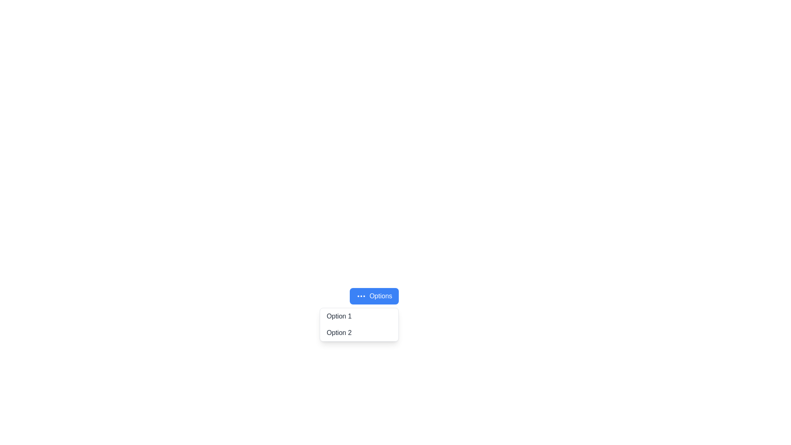 Image resolution: width=791 pixels, height=445 pixels. What do you see at coordinates (359, 332) in the screenshot?
I see `the 'Option 2' menu option in the dropdown menu located below 'Option 1'` at bounding box center [359, 332].